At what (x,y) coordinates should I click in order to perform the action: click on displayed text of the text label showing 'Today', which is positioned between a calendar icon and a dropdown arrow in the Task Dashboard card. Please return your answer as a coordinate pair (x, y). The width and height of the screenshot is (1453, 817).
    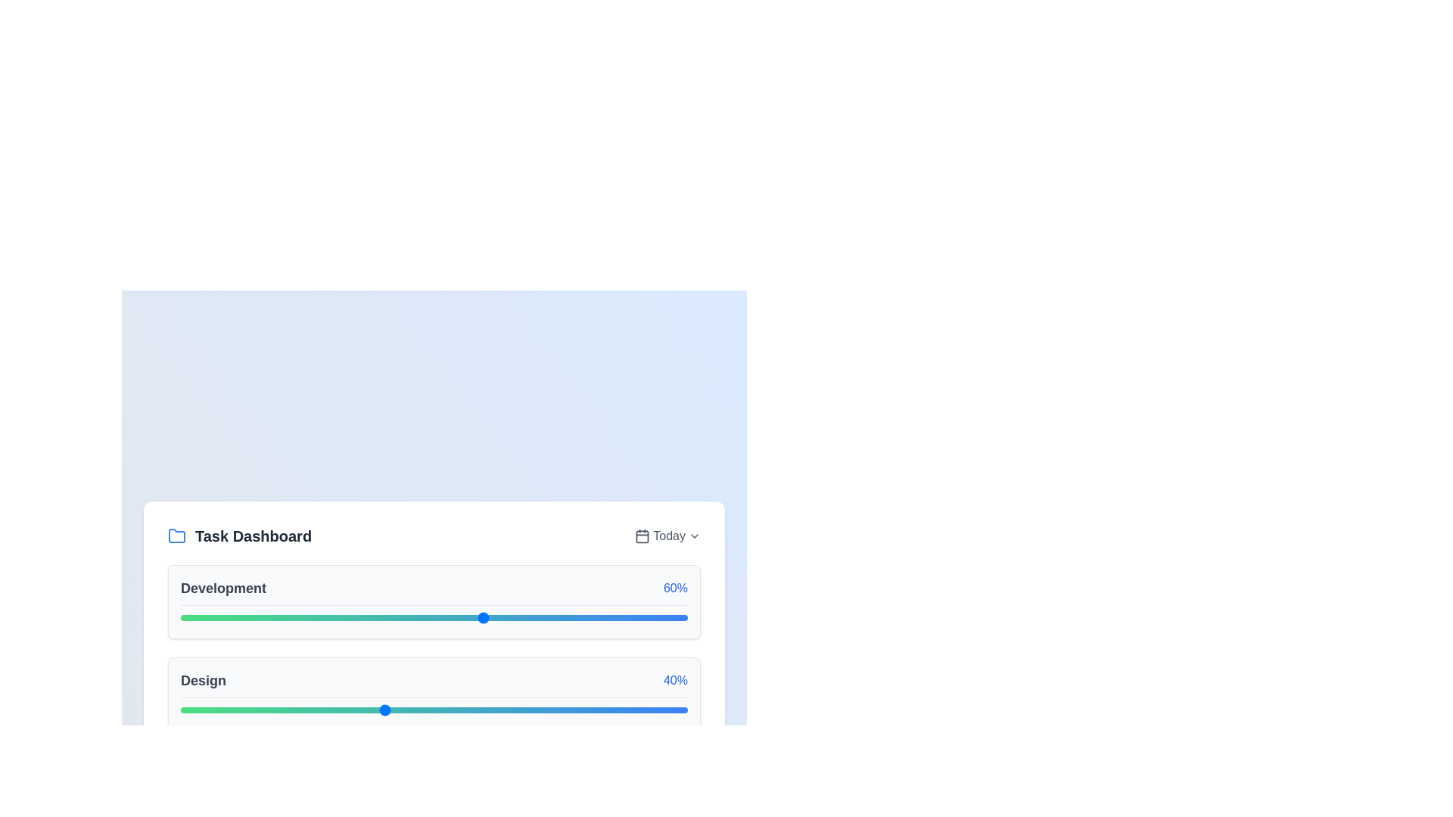
    Looking at the image, I should click on (668, 536).